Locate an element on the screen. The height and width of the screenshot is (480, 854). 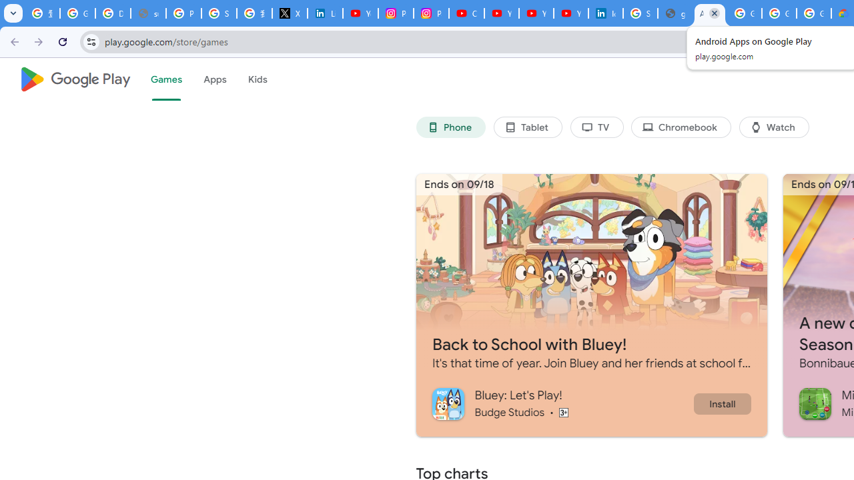
'Privacy Help Center - Policies Help' is located at coordinates (183, 13).